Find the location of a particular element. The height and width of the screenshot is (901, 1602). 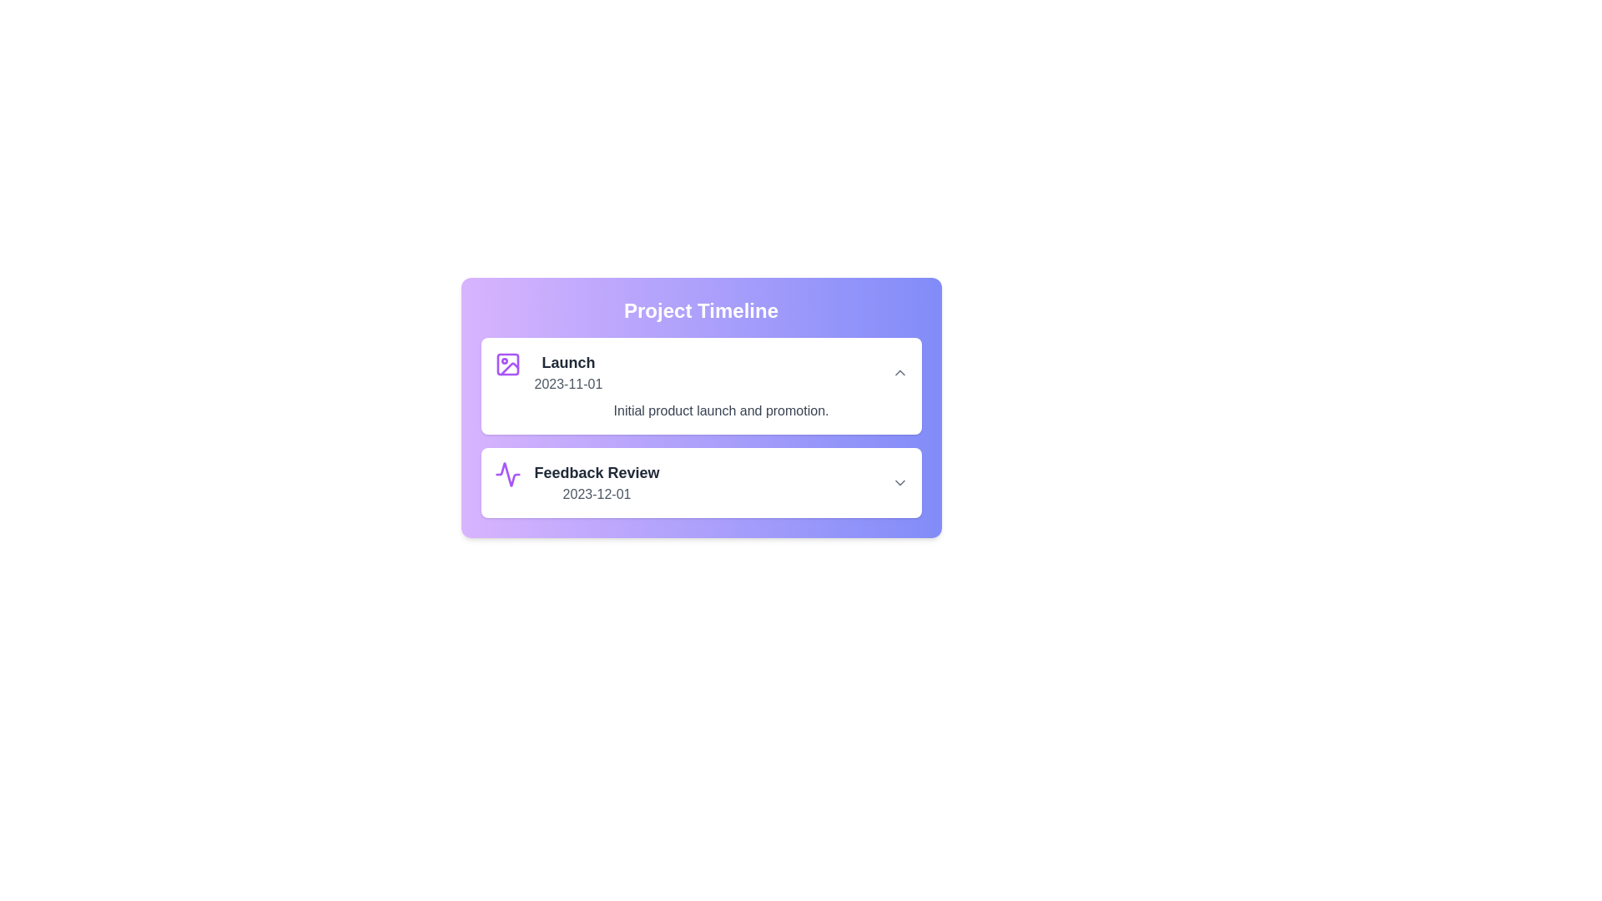

the static text label that provides information about the project milestone, specifically the launch event, located centrally within the 'Launch' section of the card is located at coordinates (721, 411).